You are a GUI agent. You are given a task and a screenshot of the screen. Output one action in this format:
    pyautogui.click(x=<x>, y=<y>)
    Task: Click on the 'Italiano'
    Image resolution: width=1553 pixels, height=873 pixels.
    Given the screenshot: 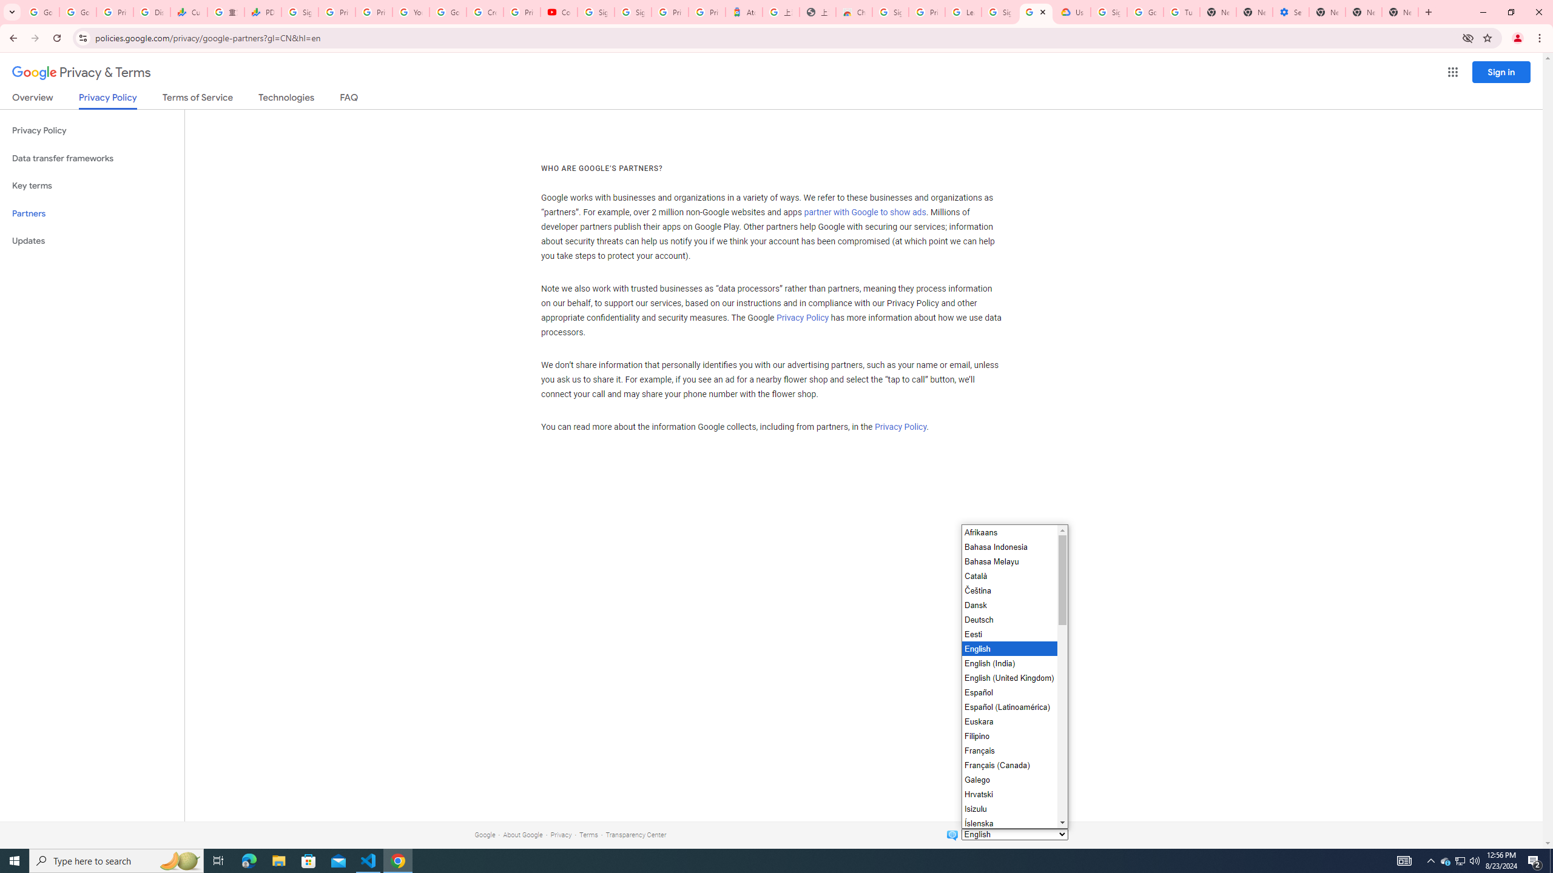 What is the action you would take?
    pyautogui.click(x=1008, y=837)
    